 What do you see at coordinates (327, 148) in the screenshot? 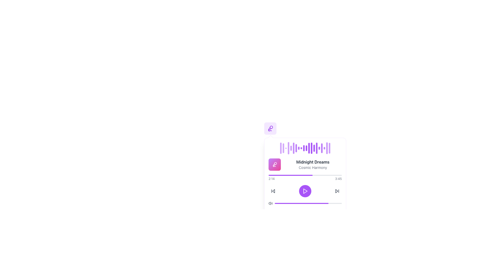
I see `the 19th vertical bar of the audio waveform segment representing the audio characteristics in the audio player UI, located above the title 'Midnight Dreams'` at bounding box center [327, 148].